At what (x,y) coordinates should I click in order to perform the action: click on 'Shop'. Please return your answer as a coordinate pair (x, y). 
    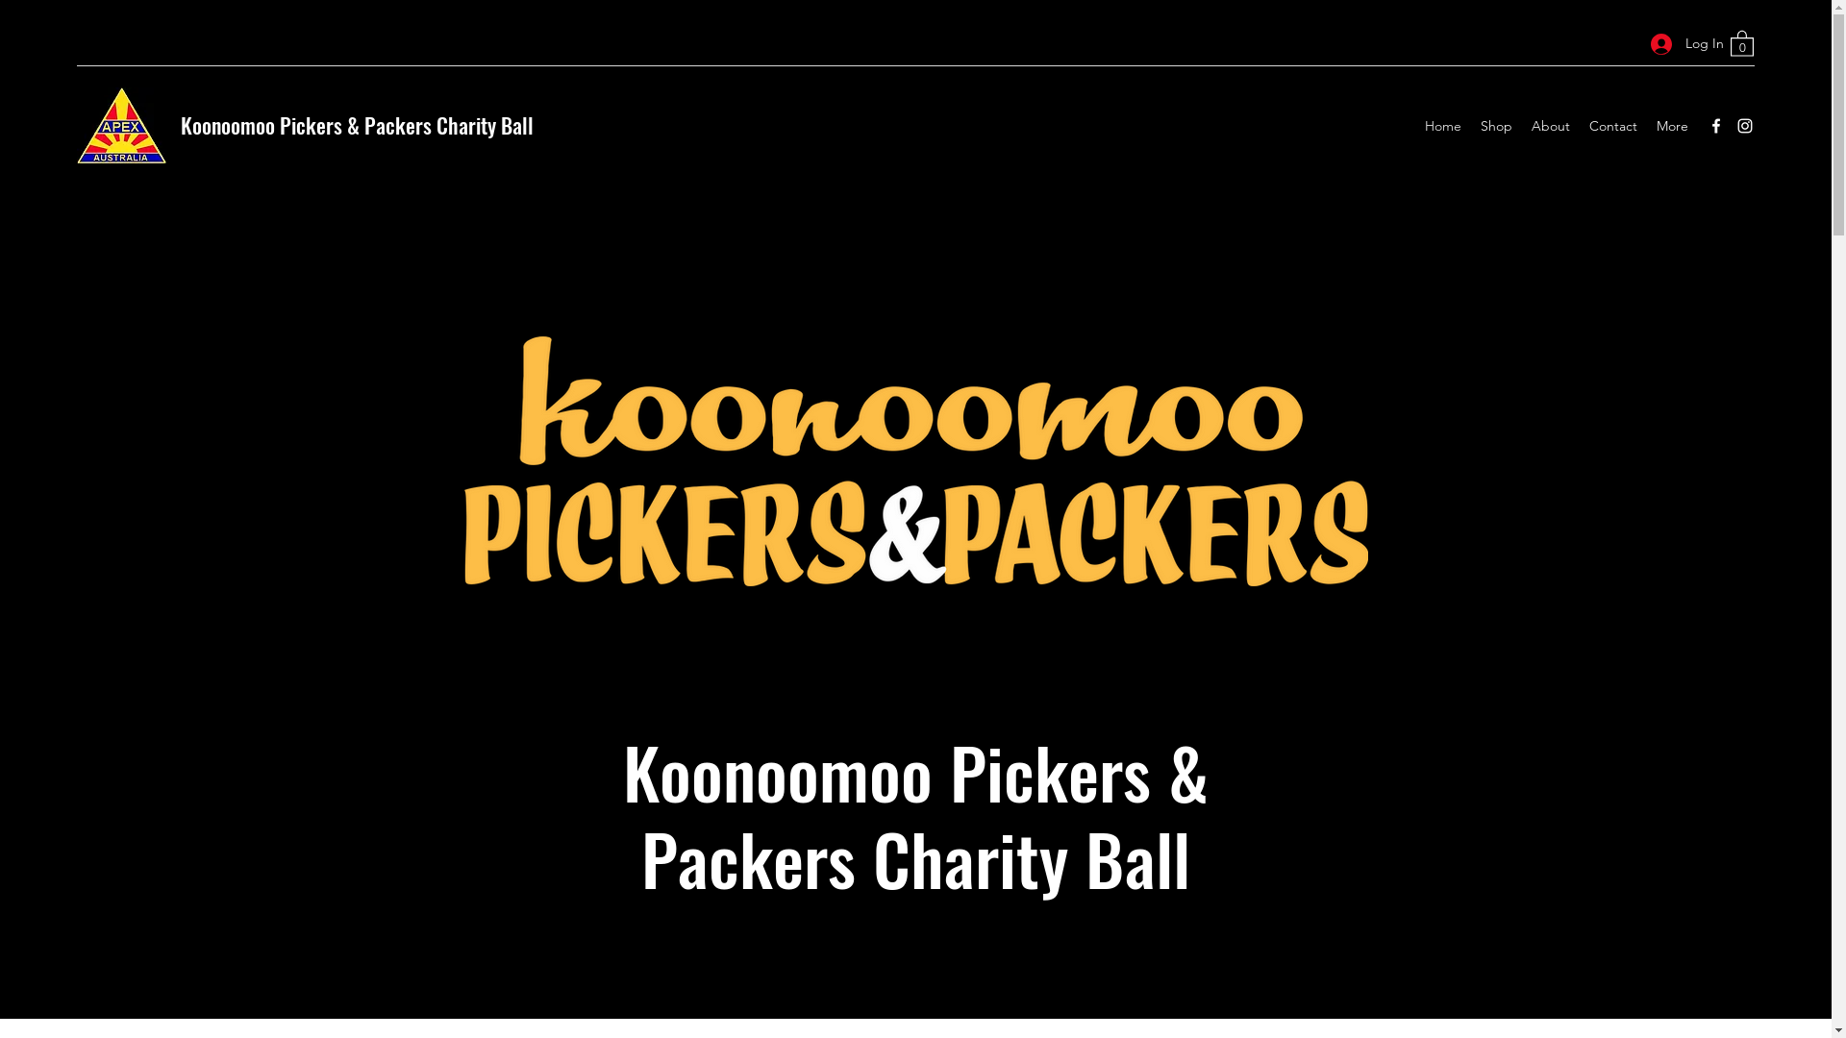
    Looking at the image, I should click on (1470, 126).